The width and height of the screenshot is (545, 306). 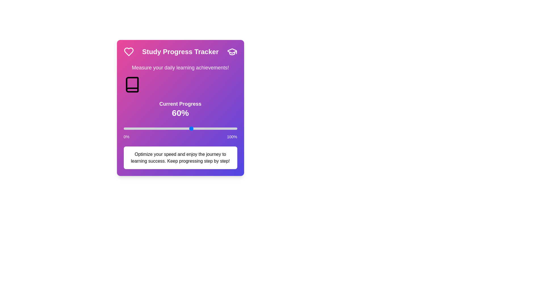 What do you see at coordinates (132, 85) in the screenshot?
I see `the Book icon to interact with it` at bounding box center [132, 85].